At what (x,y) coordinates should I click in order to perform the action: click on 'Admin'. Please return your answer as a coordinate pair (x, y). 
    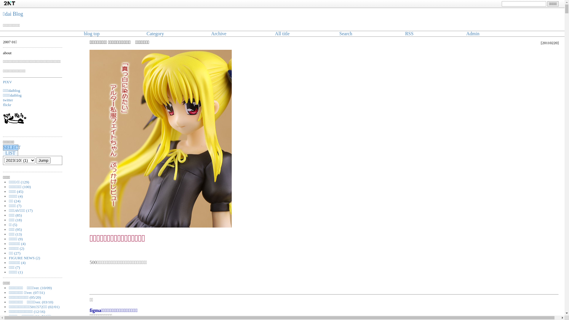
    Looking at the image, I should click on (472, 33).